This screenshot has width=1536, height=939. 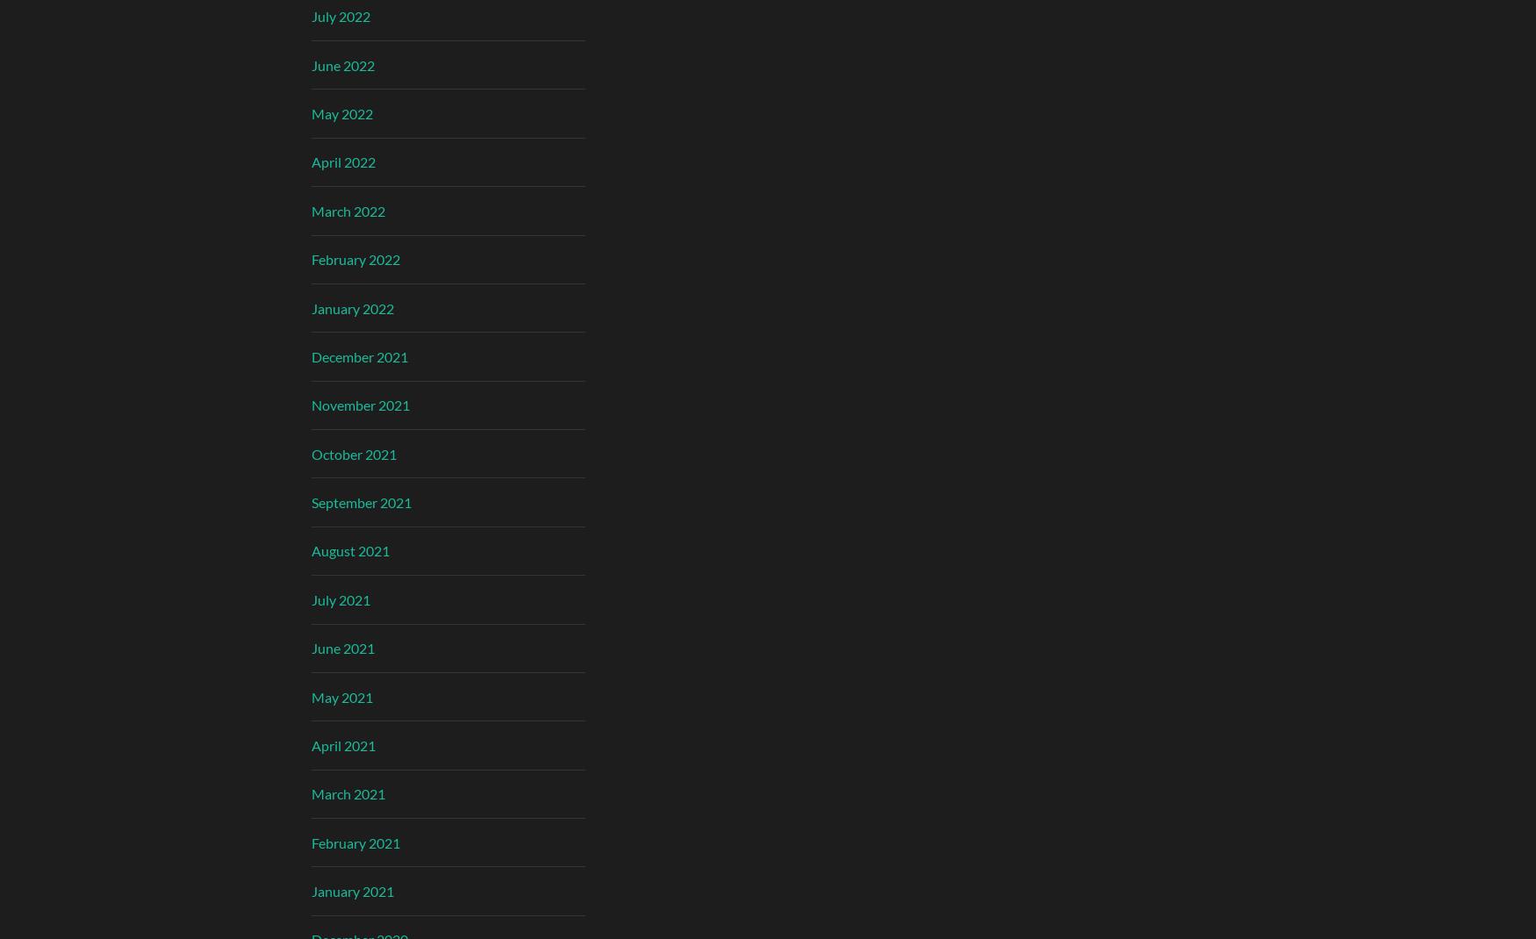 What do you see at coordinates (360, 405) in the screenshot?
I see `'November 2021'` at bounding box center [360, 405].